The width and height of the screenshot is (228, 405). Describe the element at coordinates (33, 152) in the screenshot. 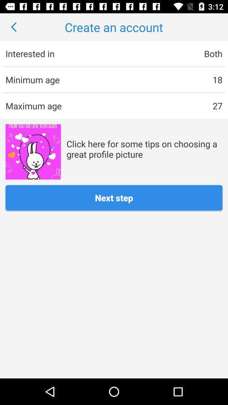

I see `app below maximum age item` at that location.